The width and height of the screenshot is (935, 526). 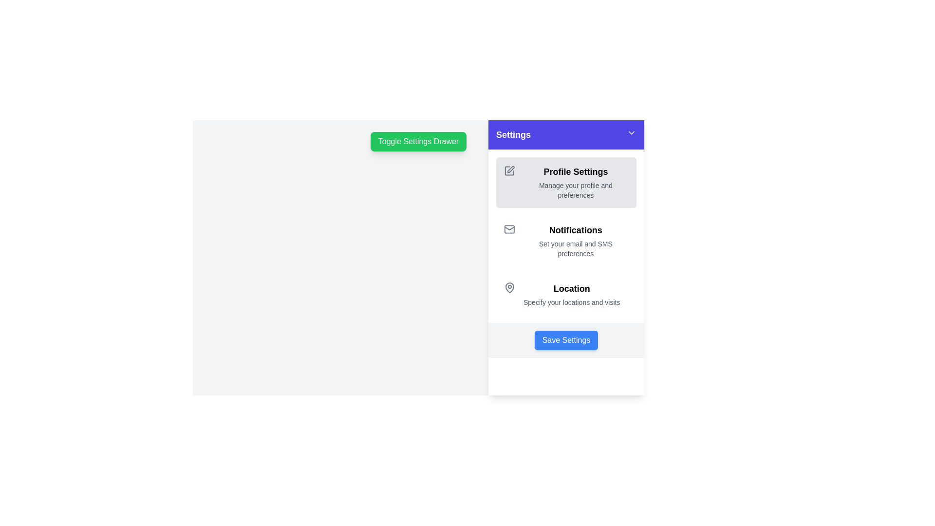 What do you see at coordinates (509, 287) in the screenshot?
I see `the 'Location' setting icon, which is the third icon in the vertical list of settings, positioned immediately to the left of the 'Location' option` at bounding box center [509, 287].